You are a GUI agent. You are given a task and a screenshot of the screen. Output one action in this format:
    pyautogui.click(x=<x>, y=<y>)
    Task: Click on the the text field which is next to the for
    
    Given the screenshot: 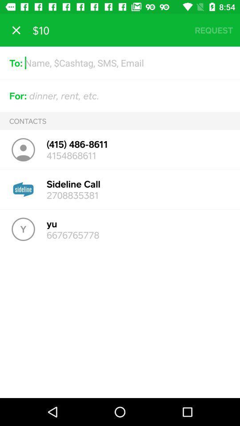 What is the action you would take?
    pyautogui.click(x=129, y=95)
    